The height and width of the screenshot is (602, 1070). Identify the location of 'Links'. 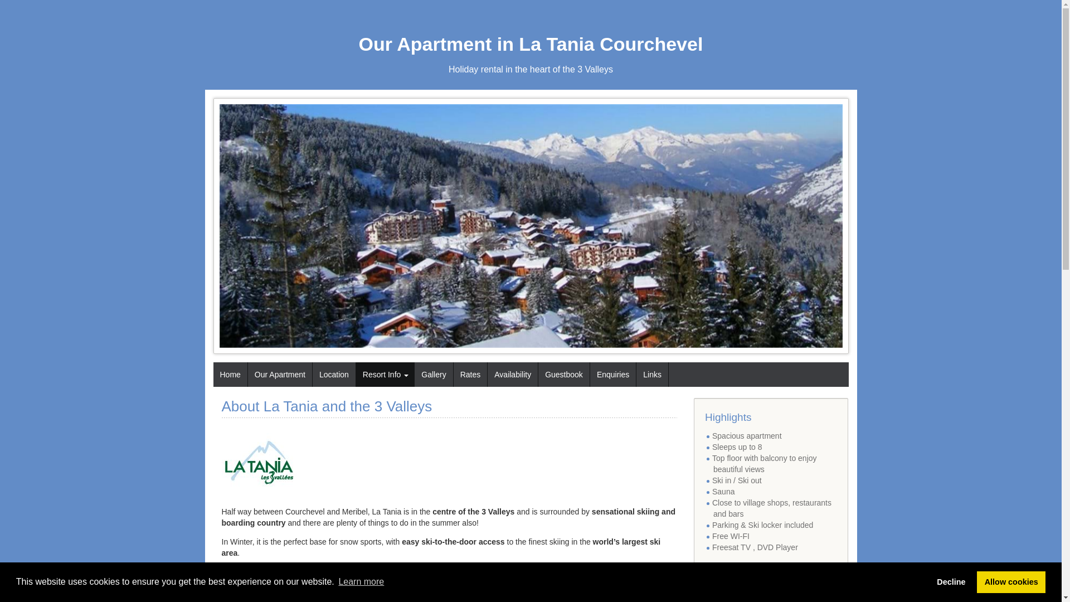
(652, 374).